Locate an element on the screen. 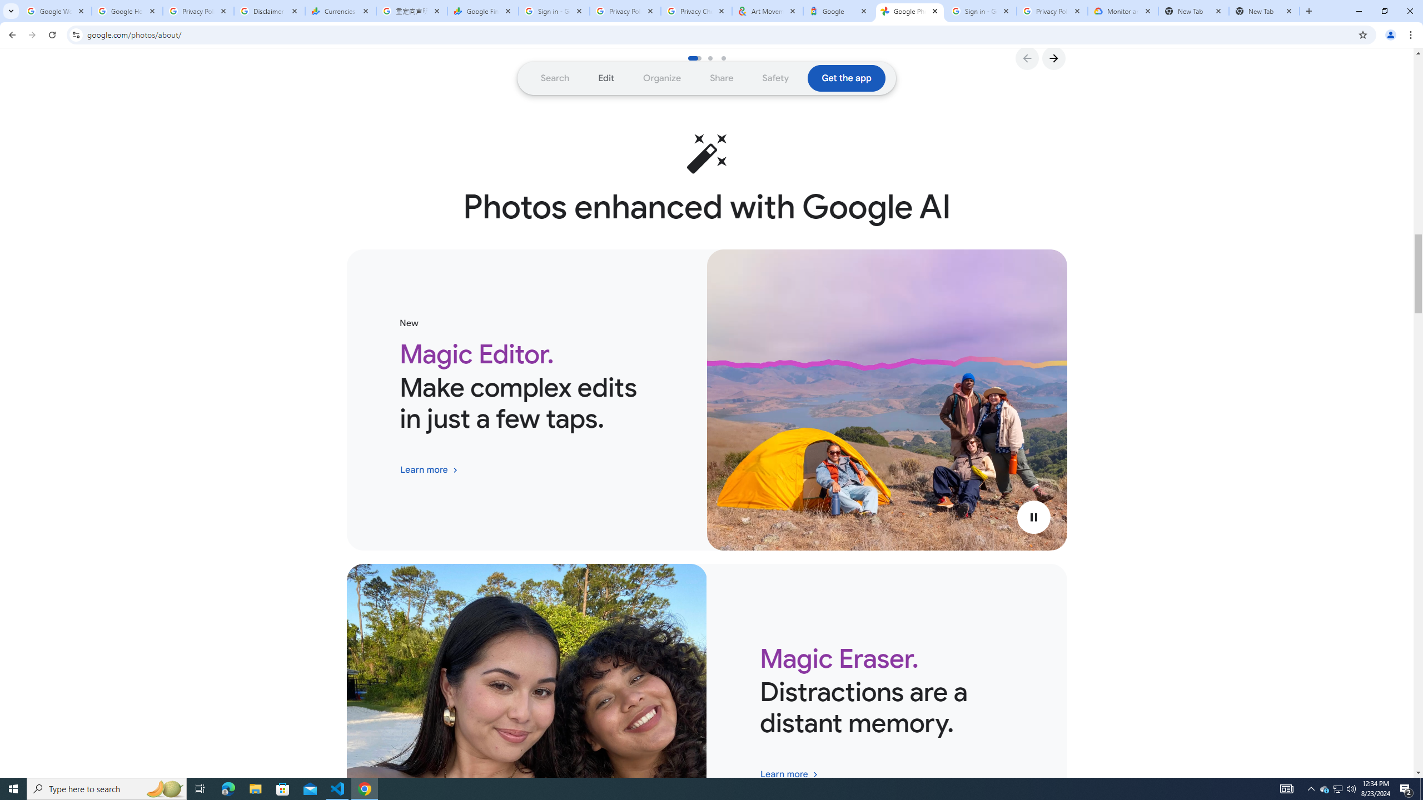  'Wand with sparkles' is located at coordinates (706, 153).